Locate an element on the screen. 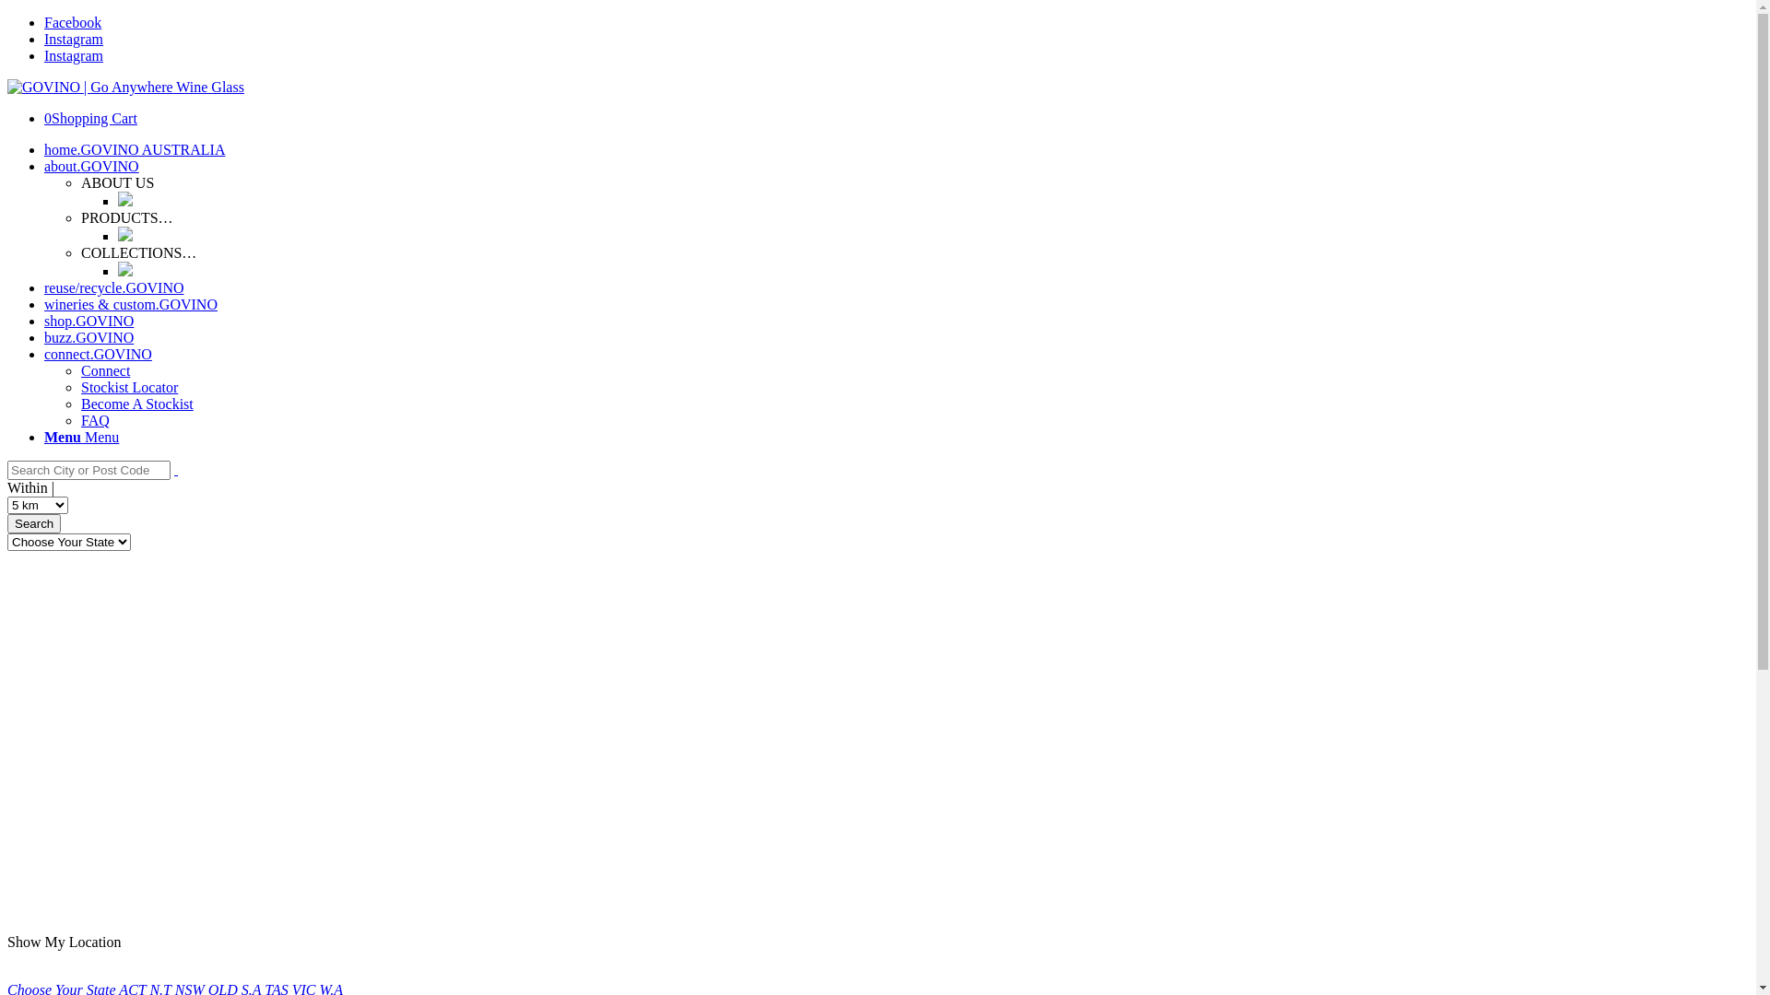  'connect.GOVINO' is located at coordinates (97, 354).